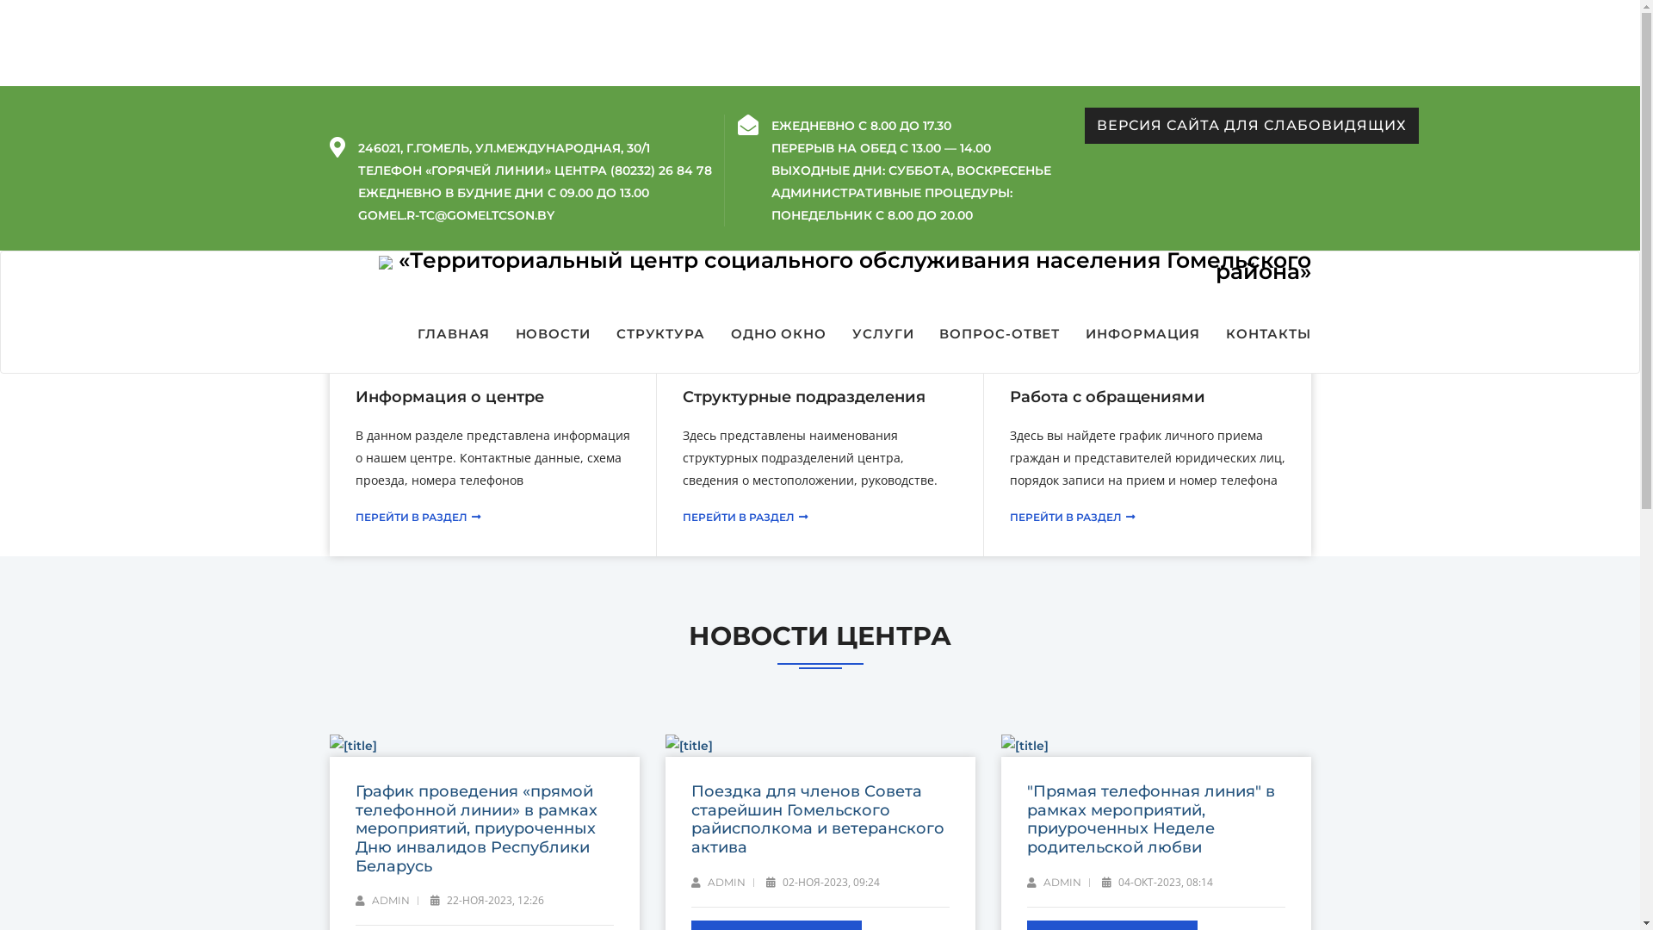 The image size is (1653, 930). I want to click on 'ADMIN', so click(717, 883).